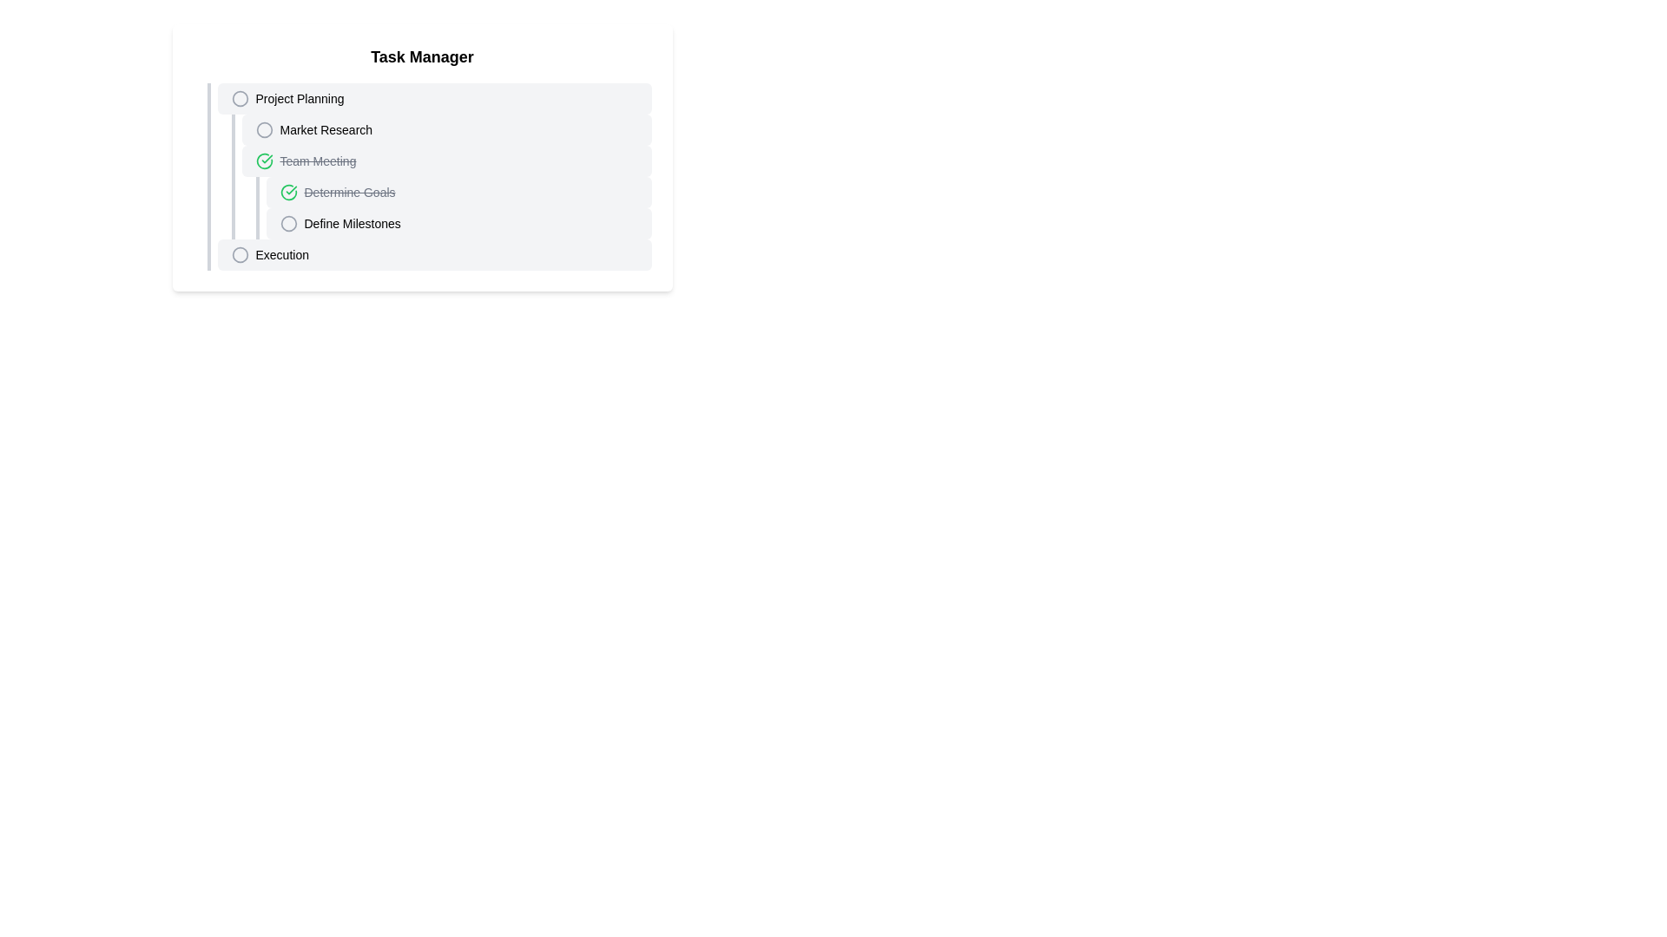  I want to click on the circular indicator, so click(239, 99).